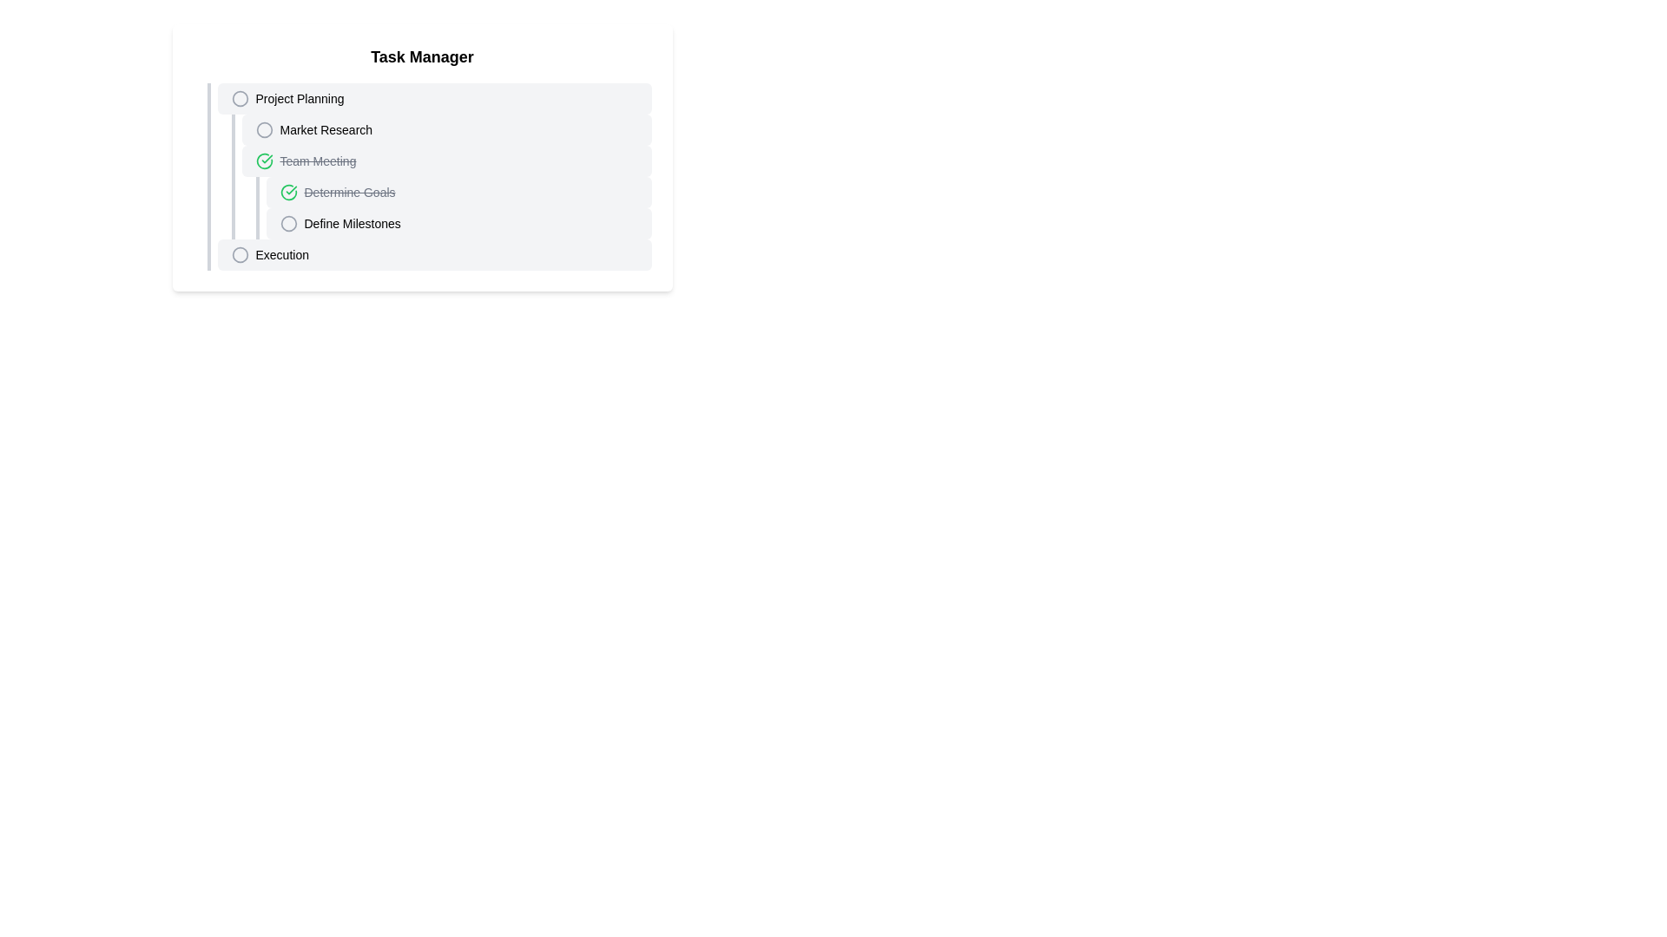  I want to click on the circular indicator, so click(239, 99).